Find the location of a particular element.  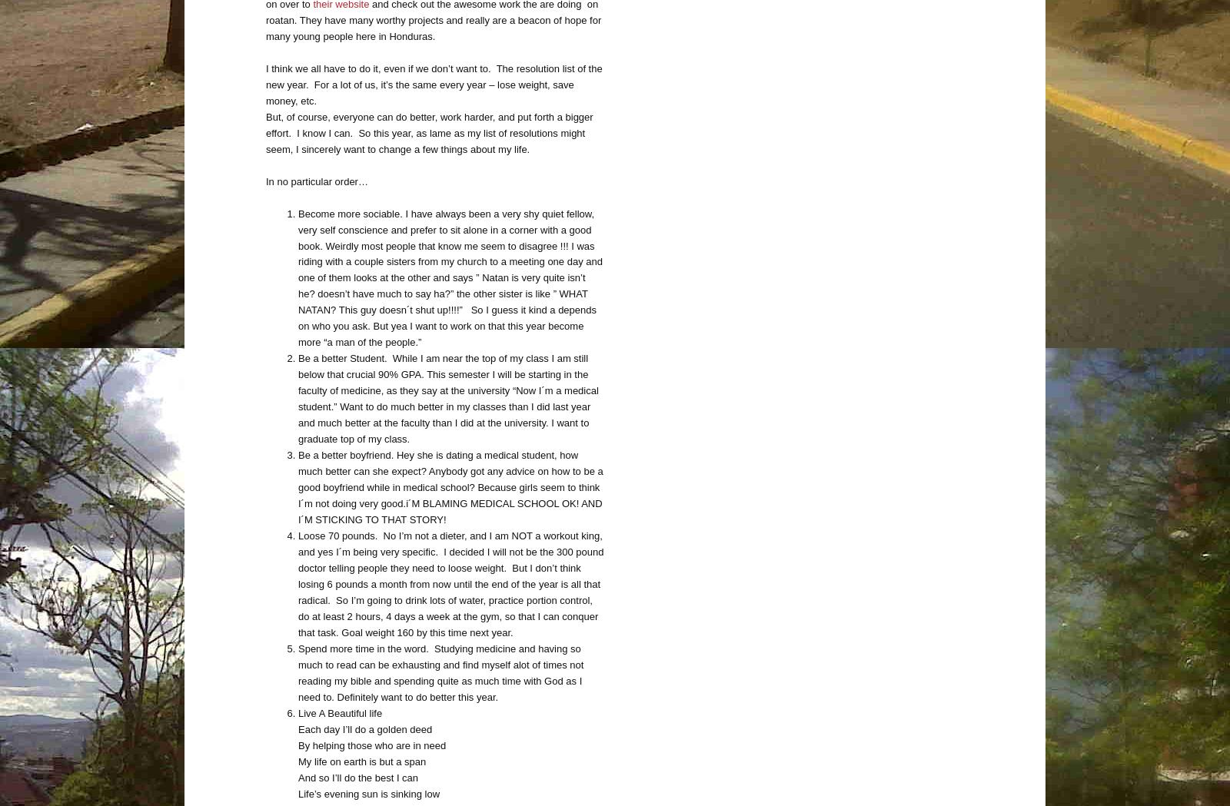

'My life on earth is but a span' is located at coordinates (361, 761).